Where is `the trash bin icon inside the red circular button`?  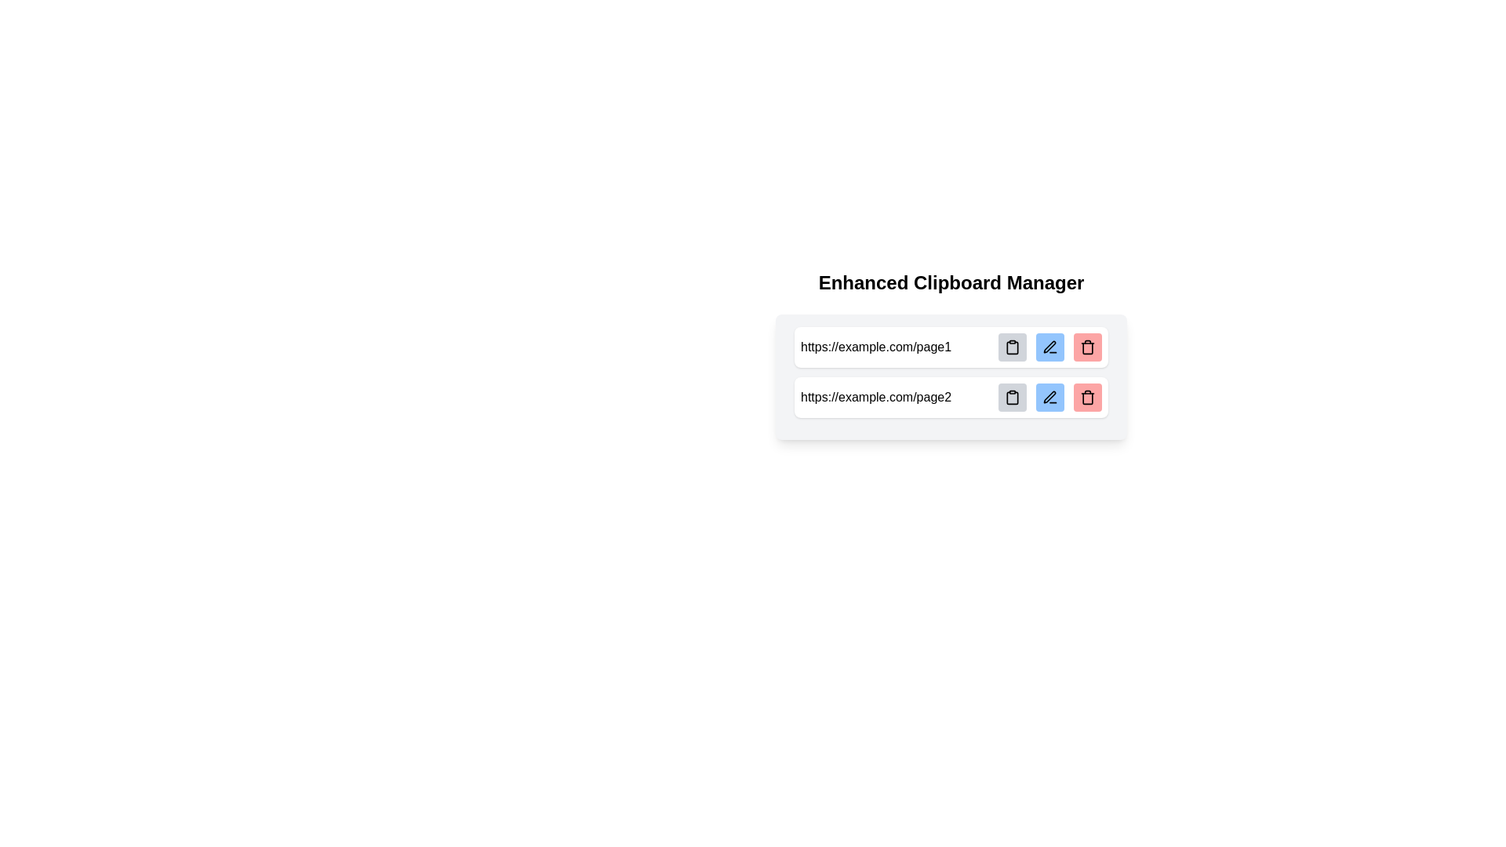
the trash bin icon inside the red circular button is located at coordinates (1087, 347).